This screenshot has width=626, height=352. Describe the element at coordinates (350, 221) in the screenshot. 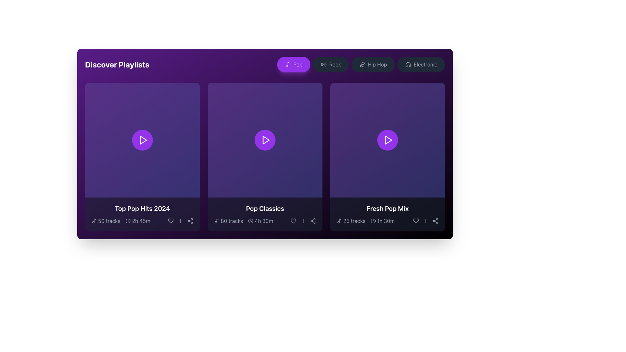

I see `text display showing the number of tracks in the playlist associated with the 'Fresh Pop Mix' card, which is located at the bottom left corner of the card` at that location.